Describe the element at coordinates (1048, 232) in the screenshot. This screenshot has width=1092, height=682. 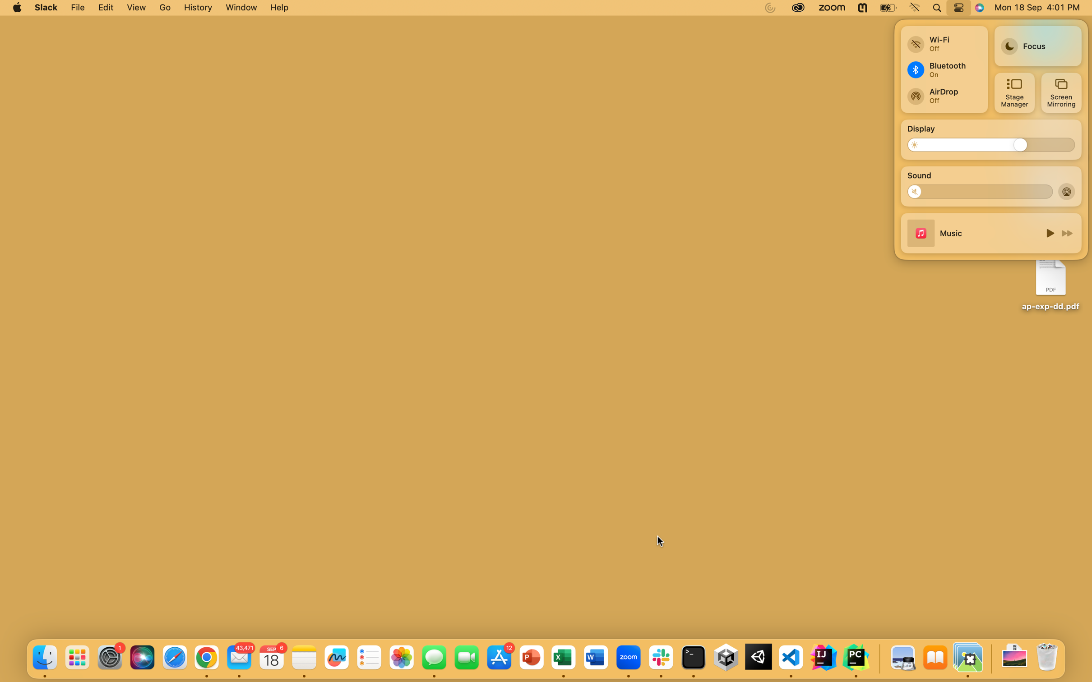
I see `Activate the song on screen and proceed to the next music track` at that location.